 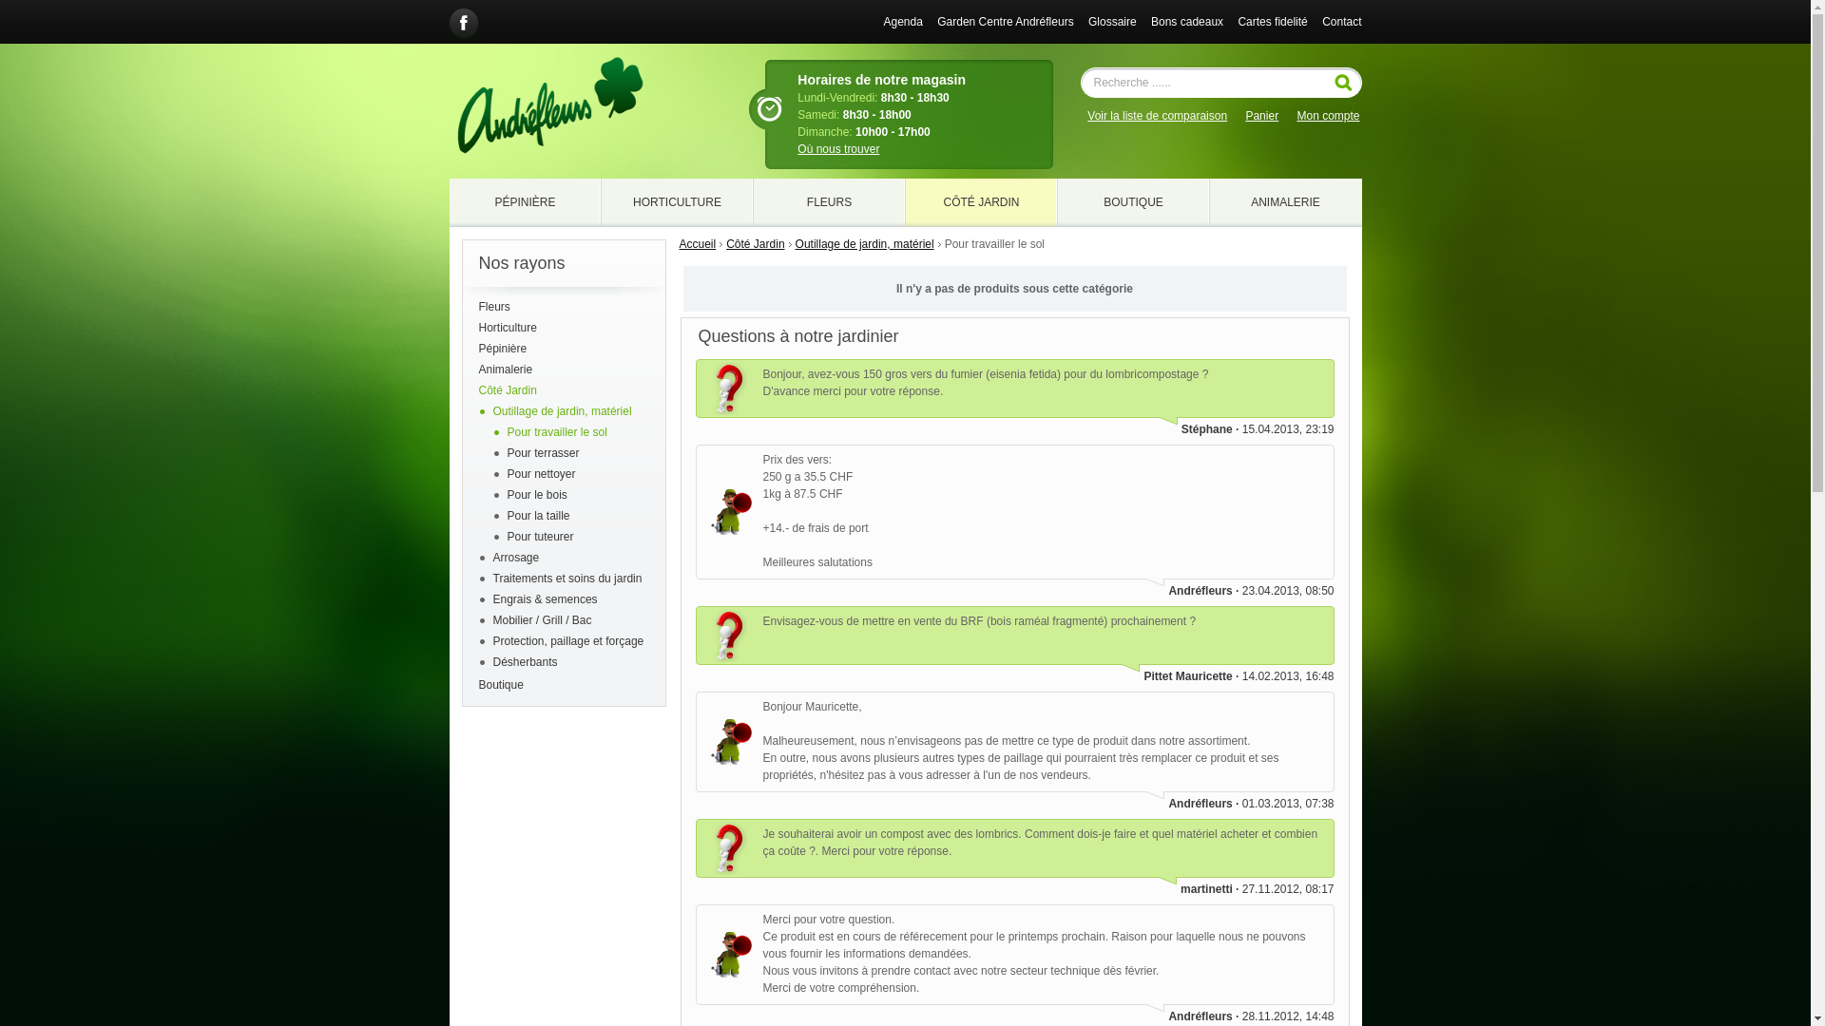 What do you see at coordinates (556, 432) in the screenshot?
I see `'Pour travailler le sol'` at bounding box center [556, 432].